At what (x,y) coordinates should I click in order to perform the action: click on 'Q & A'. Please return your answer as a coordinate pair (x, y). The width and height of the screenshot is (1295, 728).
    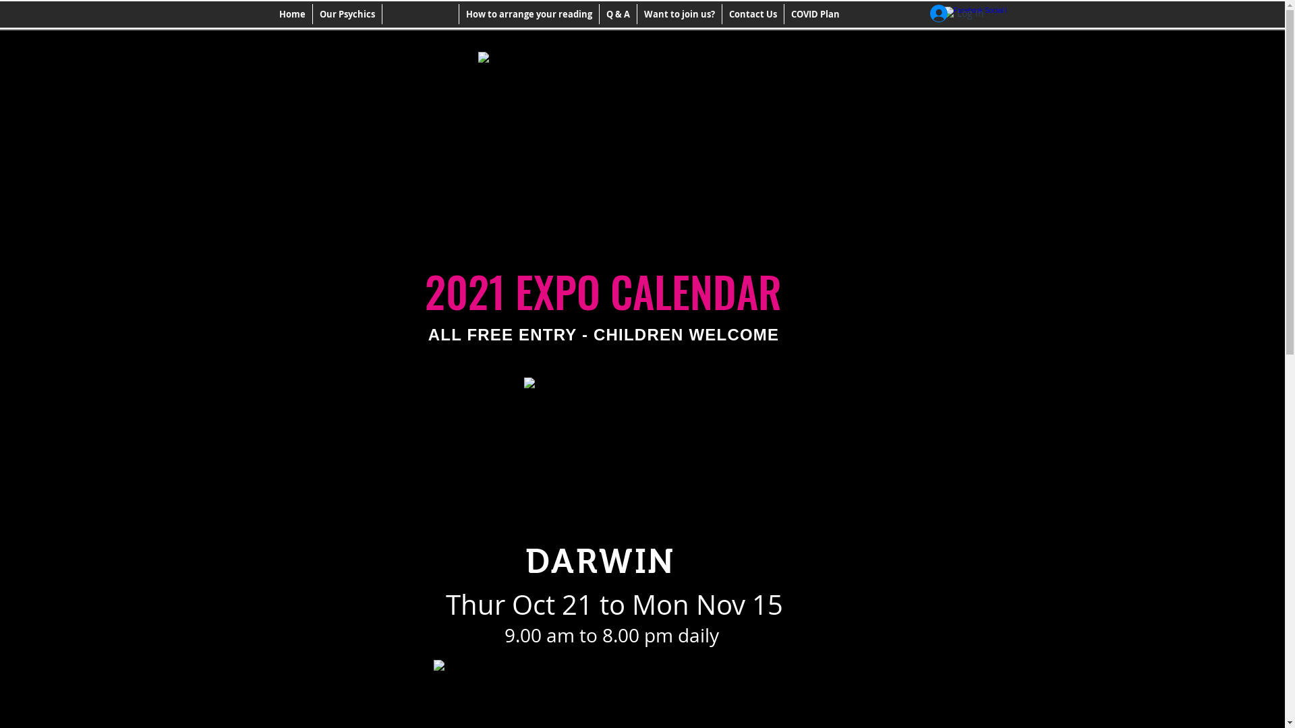
    Looking at the image, I should click on (617, 13).